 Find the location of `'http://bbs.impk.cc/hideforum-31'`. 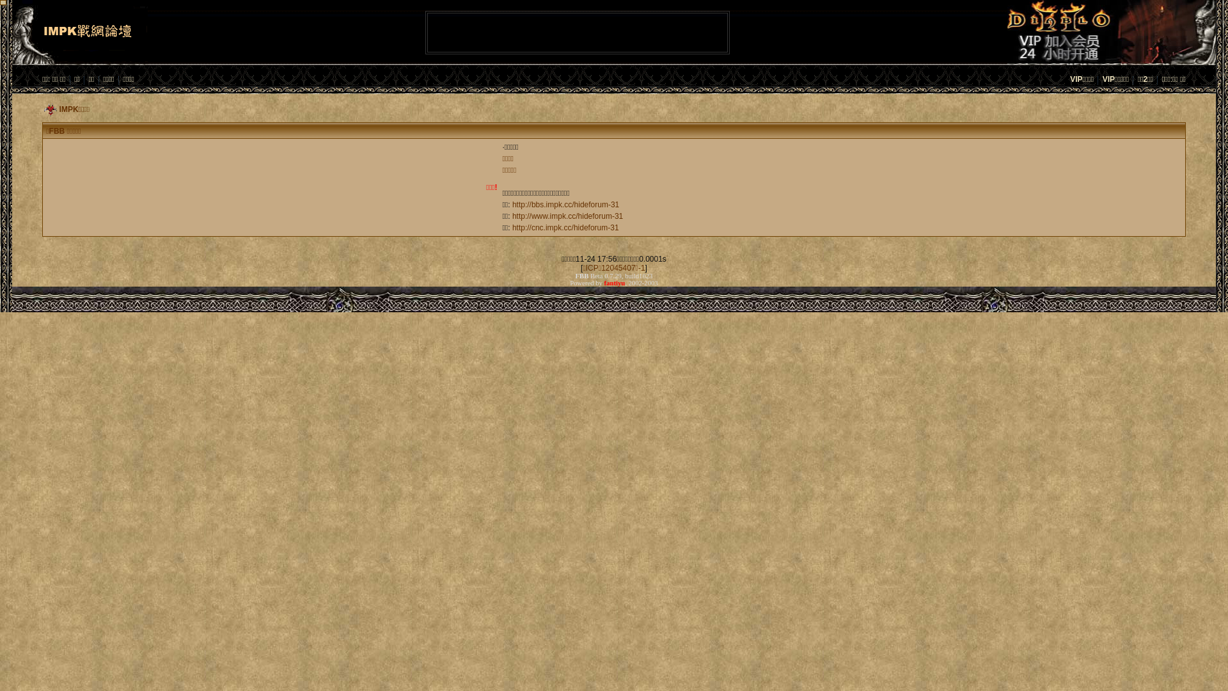

'http://bbs.impk.cc/hideforum-31' is located at coordinates (565, 204).